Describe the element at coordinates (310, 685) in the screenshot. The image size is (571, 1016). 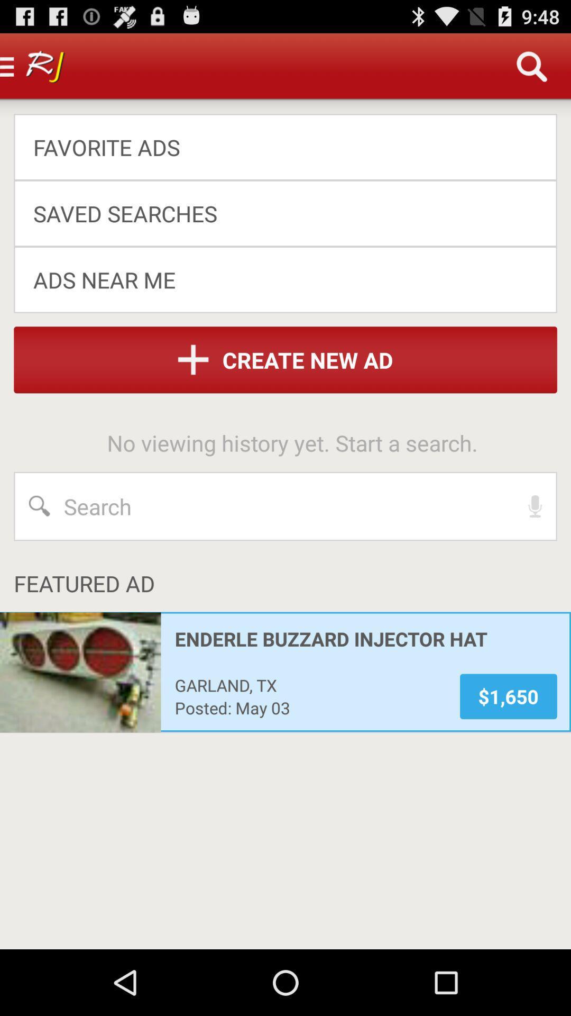
I see `app to the left of $1,650` at that location.